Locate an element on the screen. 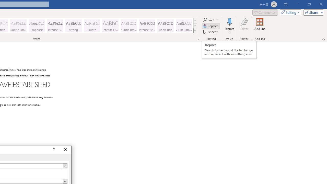 The height and width of the screenshot is (184, 327). 'Quote' is located at coordinates (92, 26).